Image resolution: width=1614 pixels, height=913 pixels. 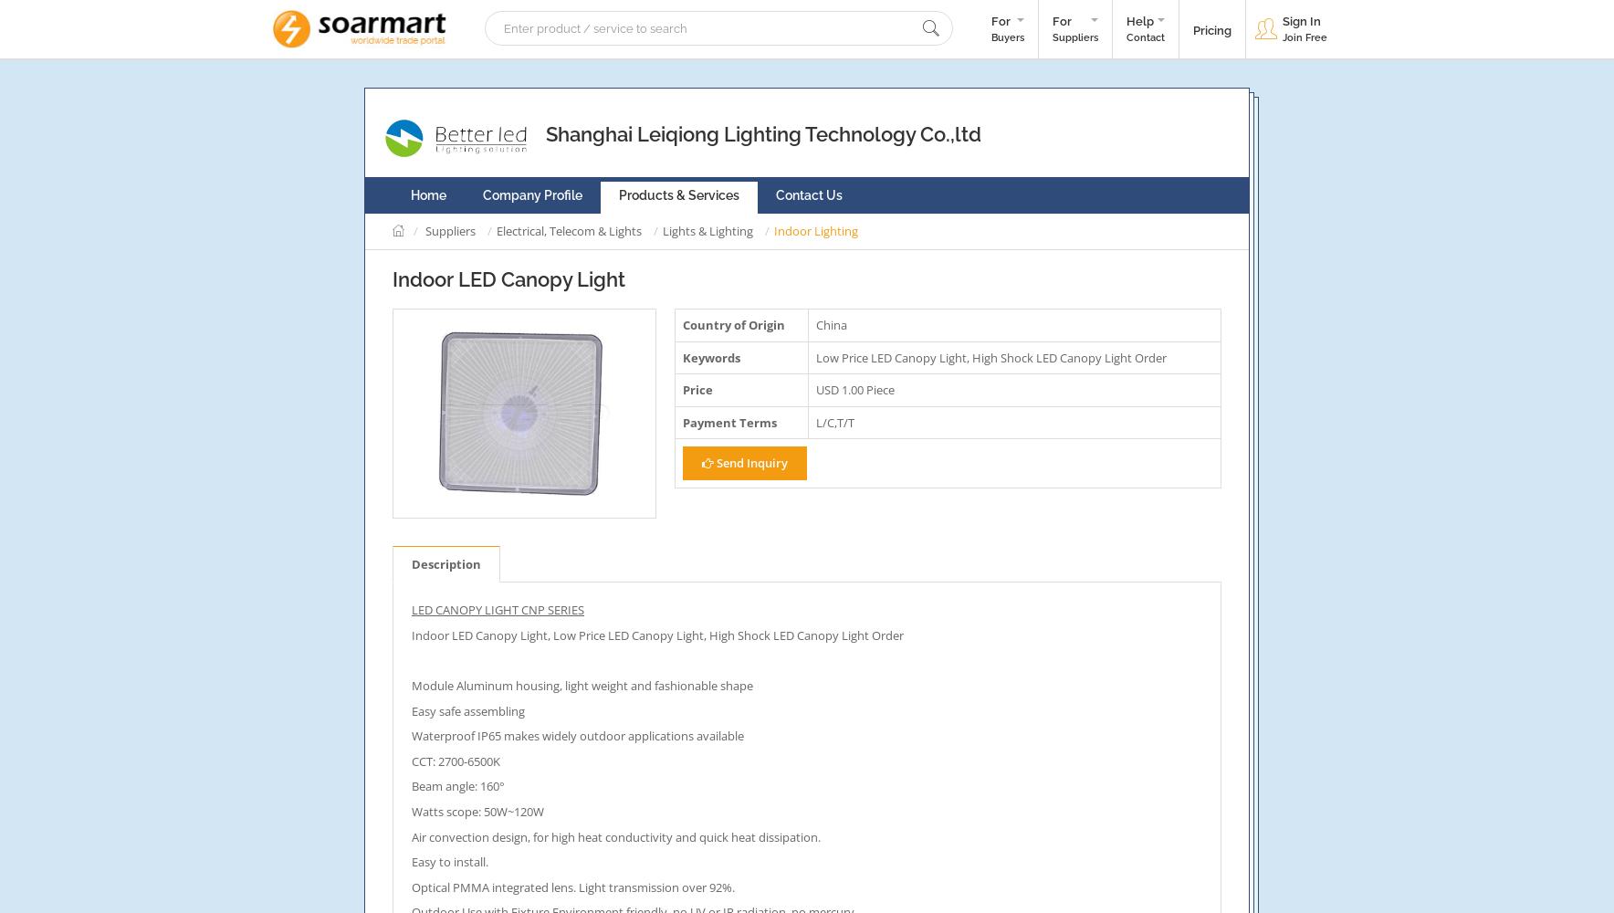 I want to click on 'Send Inquiry', so click(x=750, y=463).